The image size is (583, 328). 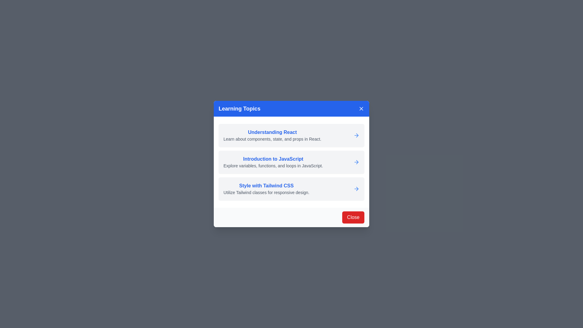 What do you see at coordinates (272, 135) in the screenshot?
I see `the 'Understanding React' text label` at bounding box center [272, 135].